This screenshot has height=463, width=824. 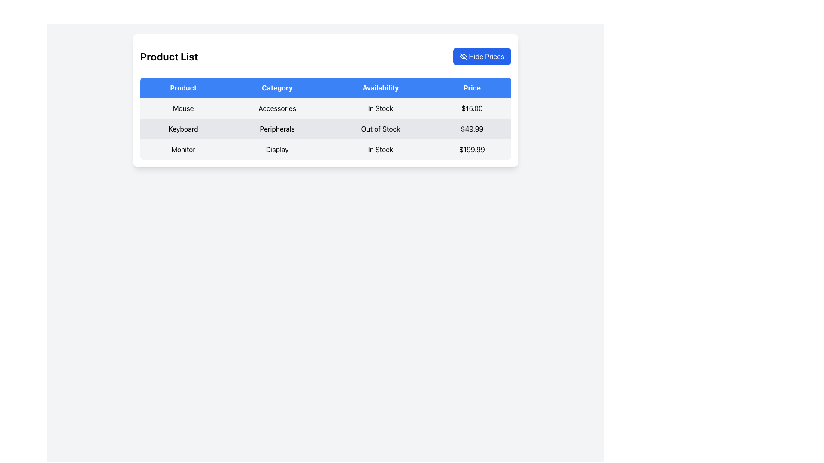 I want to click on text content of the Text Label element displaying 'Mouse', which is located in the leftmost column of the first row in a table, so click(x=183, y=108).